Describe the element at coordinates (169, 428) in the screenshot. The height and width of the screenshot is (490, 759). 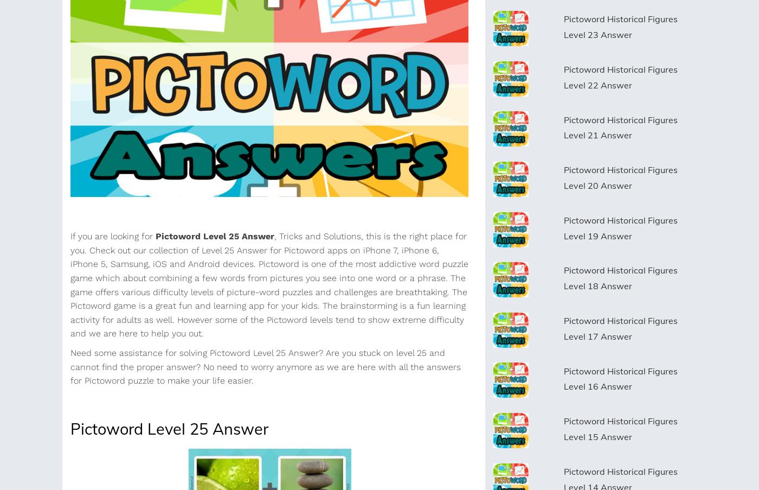
I see `'Pictoword Level 25 Answer'` at that location.